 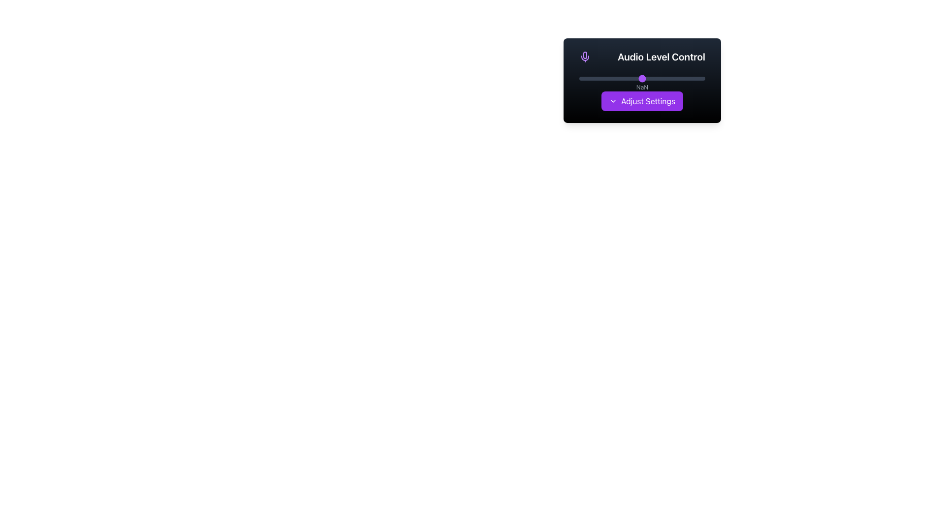 I want to click on the small, dark-colored microphone icon with a purple tint located in the top-left part of the 'Audio Level Control' card, so click(x=585, y=55).